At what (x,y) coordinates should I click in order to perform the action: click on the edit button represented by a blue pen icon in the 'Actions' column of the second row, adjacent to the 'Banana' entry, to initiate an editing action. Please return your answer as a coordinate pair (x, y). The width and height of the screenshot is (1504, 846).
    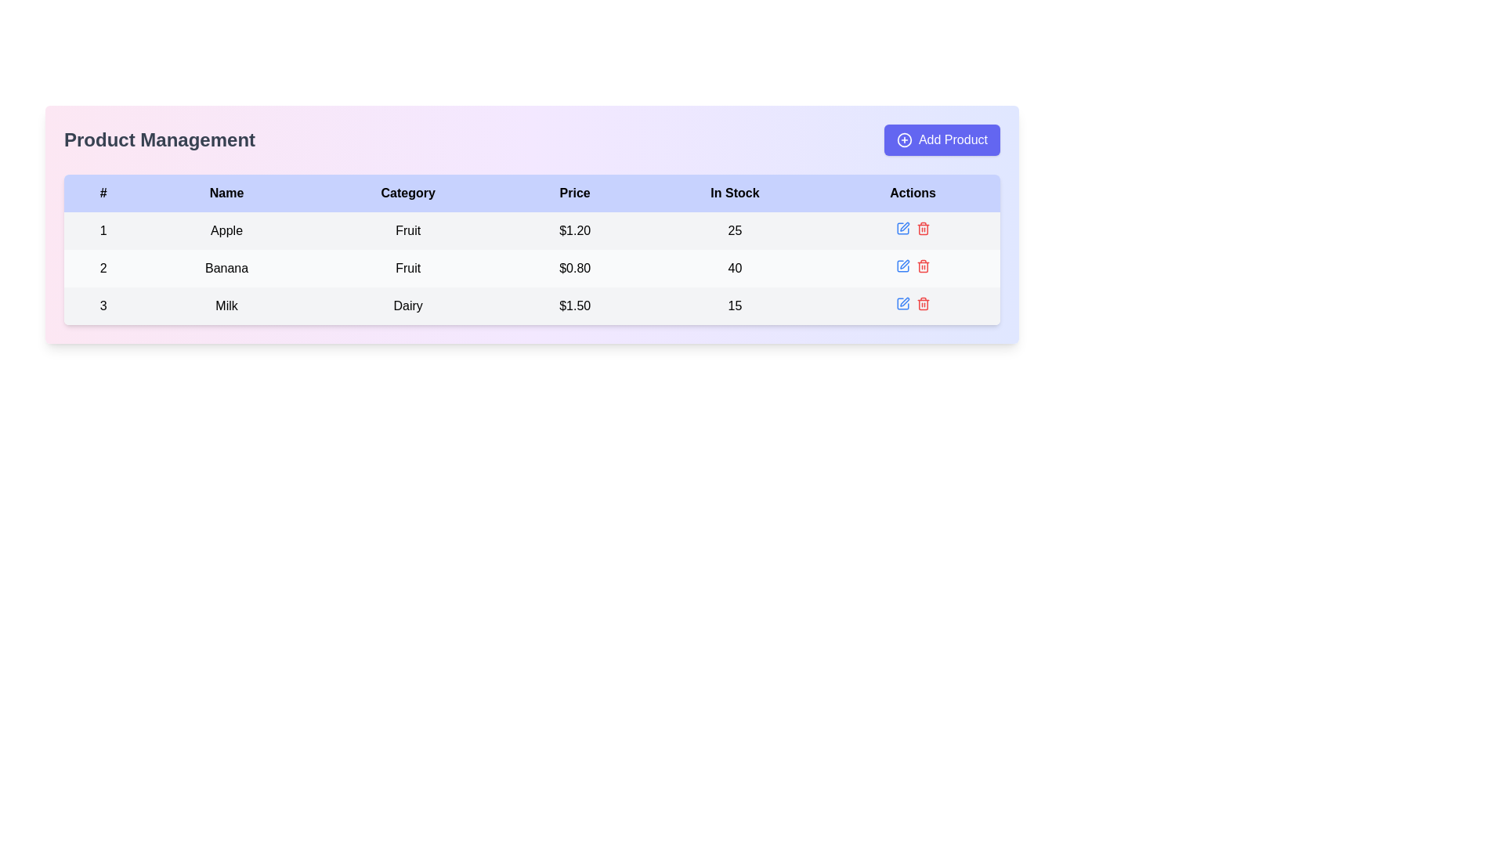
    Looking at the image, I should click on (904, 263).